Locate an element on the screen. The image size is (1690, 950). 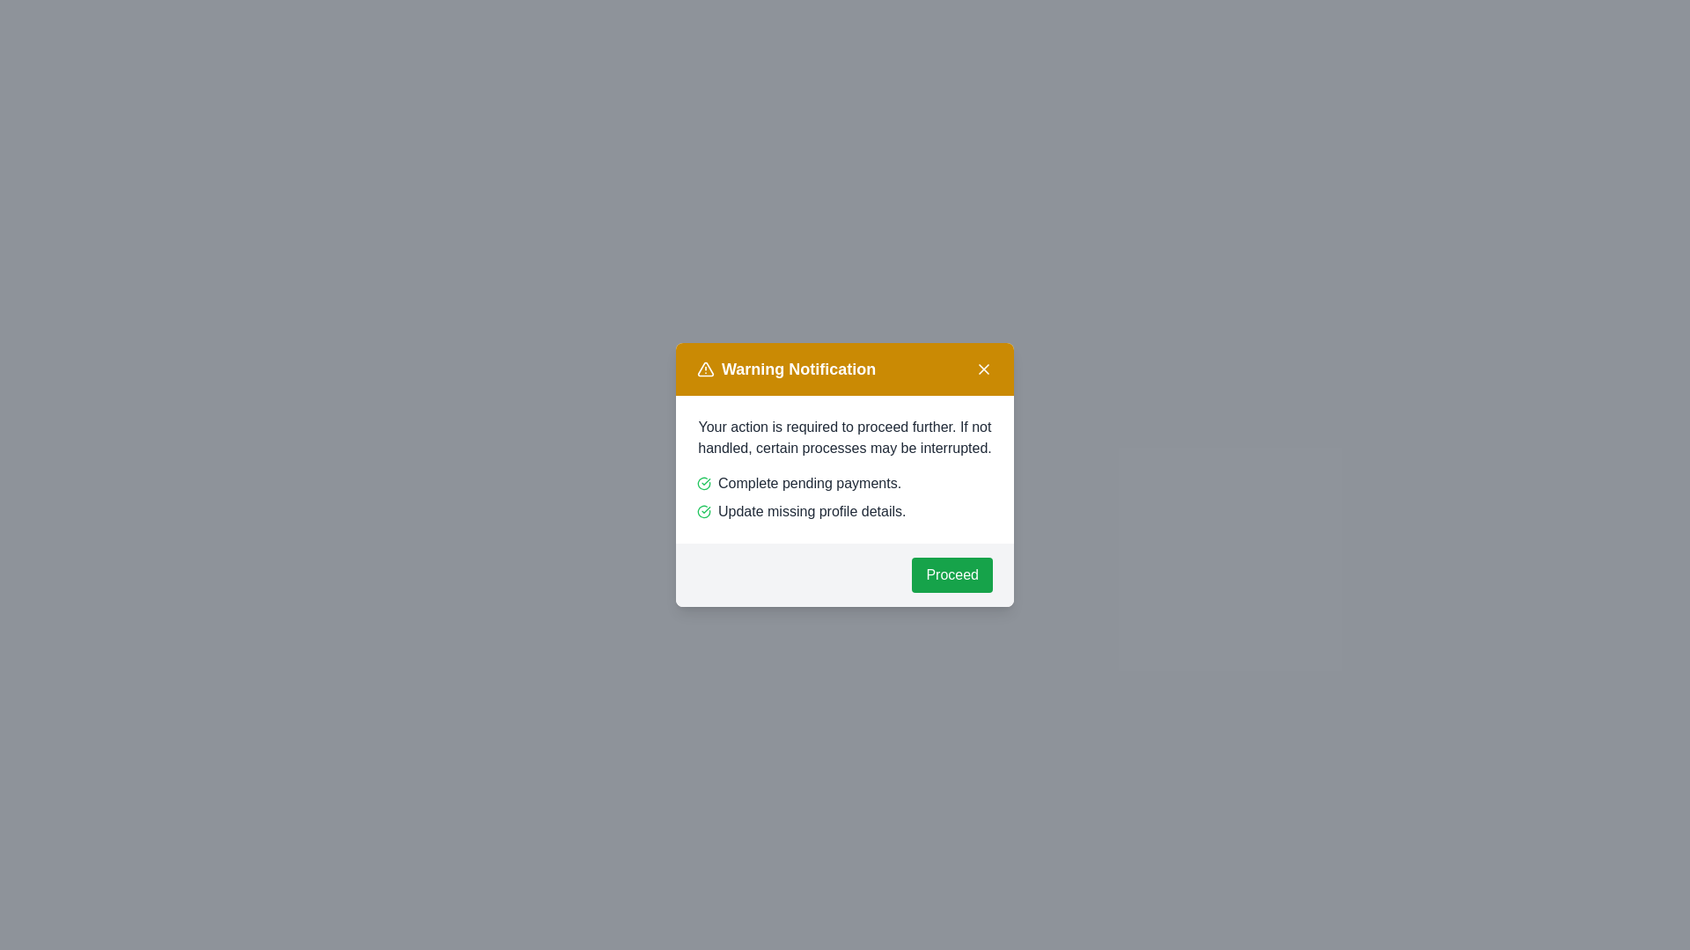
the circular icon with a green outline and white checkmark, located to the left of the text 'Update missing profile details.' in the notification box for understanding the status is located at coordinates (704, 512).